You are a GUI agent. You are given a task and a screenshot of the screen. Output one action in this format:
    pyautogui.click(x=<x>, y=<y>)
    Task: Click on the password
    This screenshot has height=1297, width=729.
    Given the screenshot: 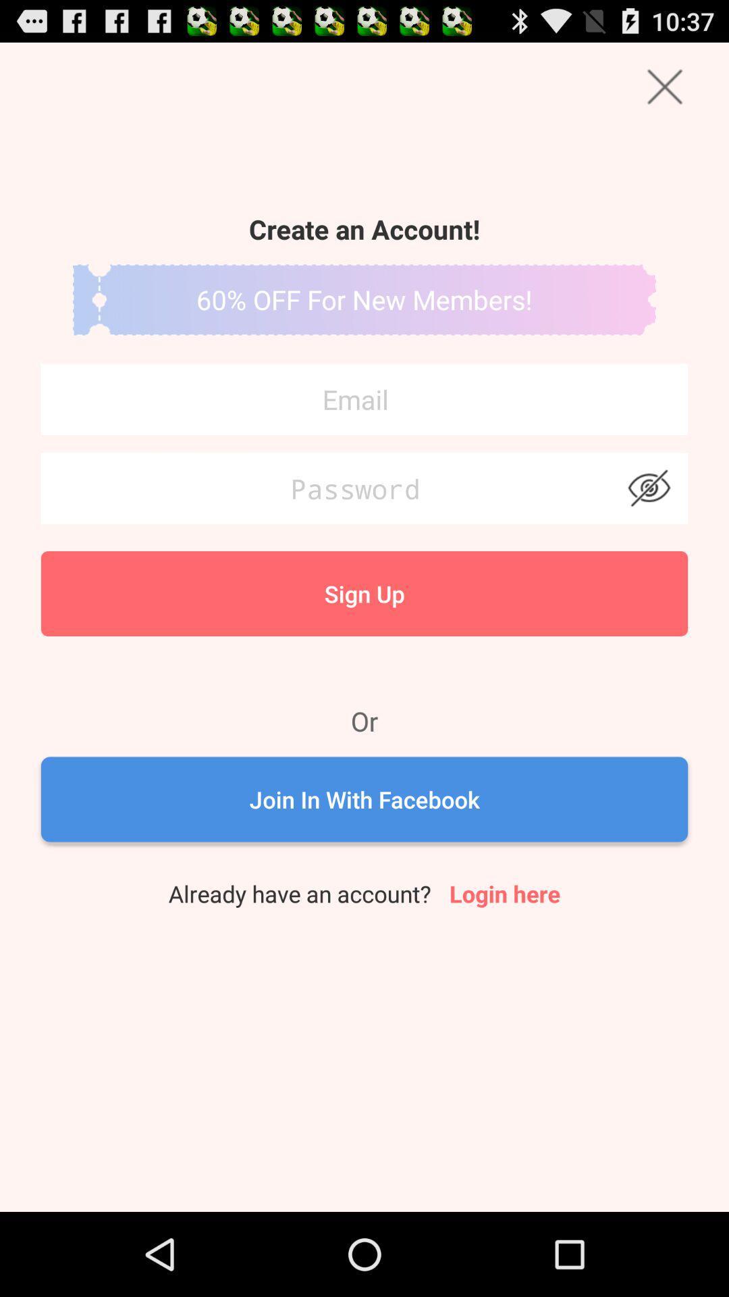 What is the action you would take?
    pyautogui.click(x=364, y=488)
    